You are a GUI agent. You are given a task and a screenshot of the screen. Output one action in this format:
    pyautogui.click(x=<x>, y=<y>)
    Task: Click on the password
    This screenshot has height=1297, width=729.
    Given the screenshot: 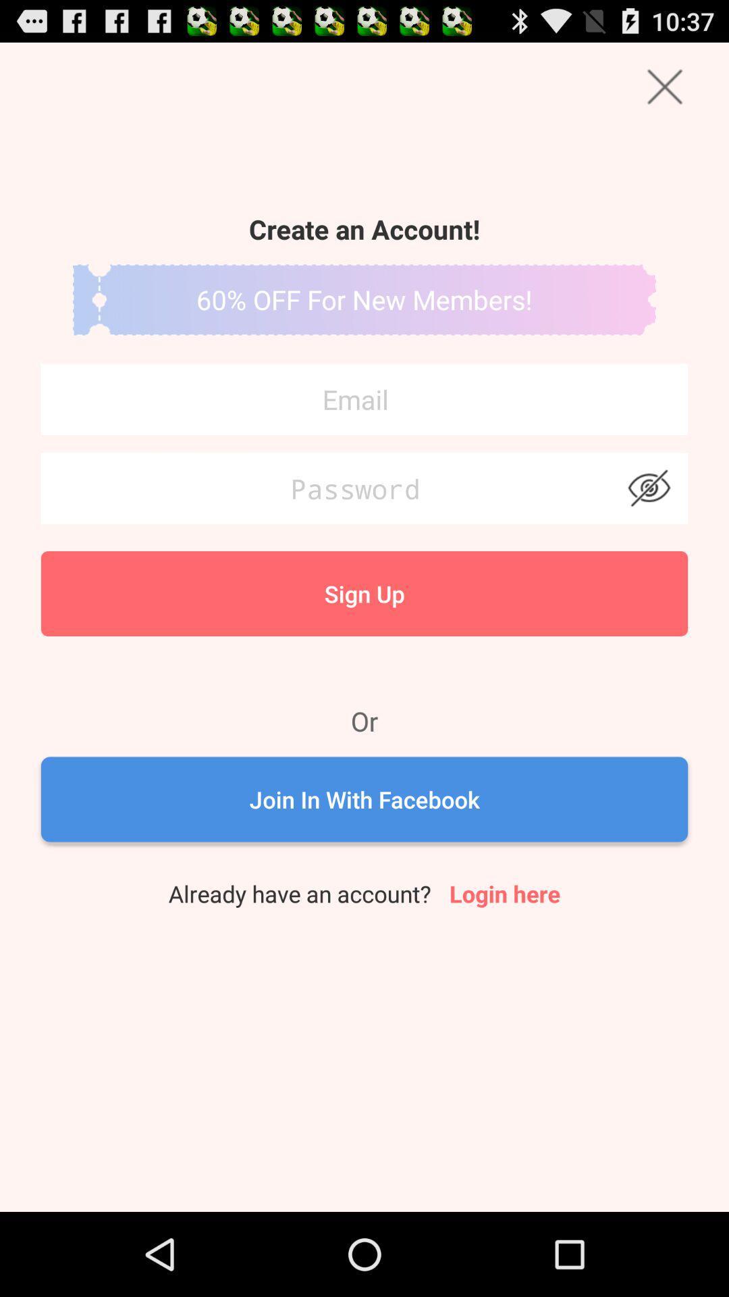 What is the action you would take?
    pyautogui.click(x=364, y=488)
    